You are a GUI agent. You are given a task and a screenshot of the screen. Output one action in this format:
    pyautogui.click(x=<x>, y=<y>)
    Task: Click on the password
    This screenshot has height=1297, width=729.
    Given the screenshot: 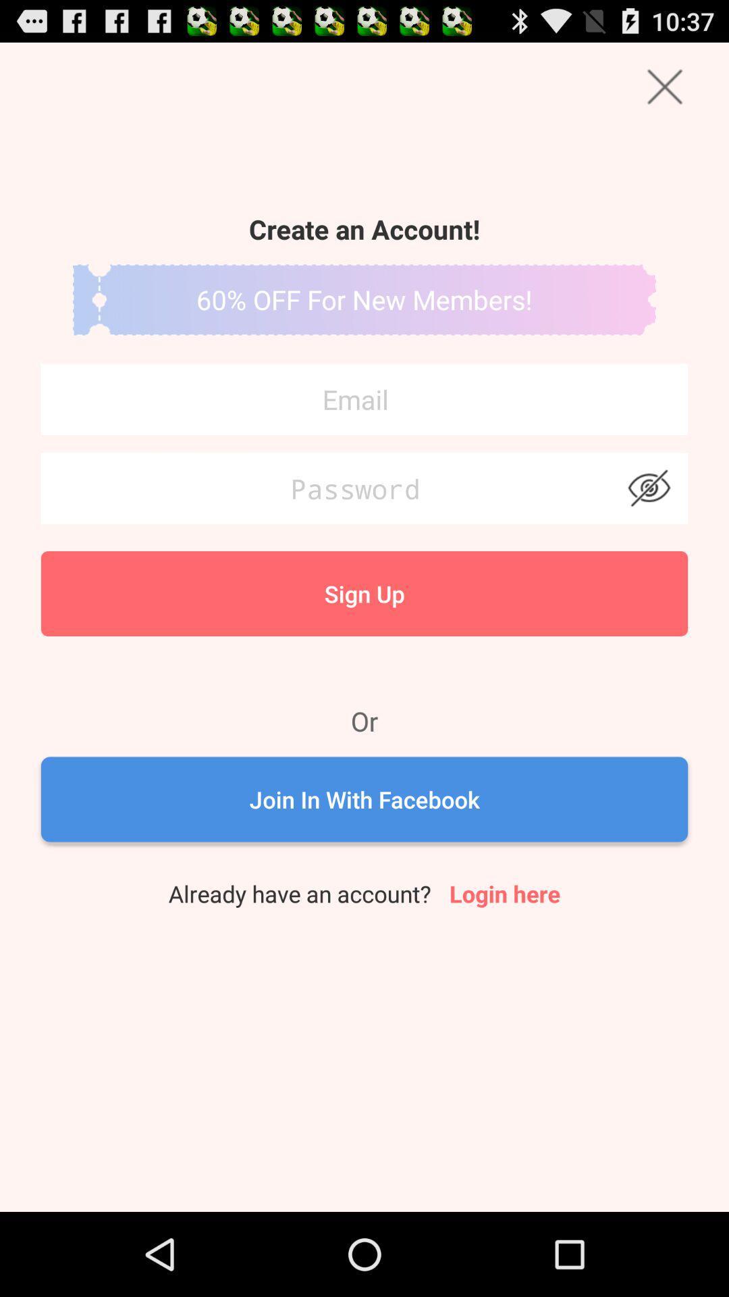 What is the action you would take?
    pyautogui.click(x=364, y=488)
    